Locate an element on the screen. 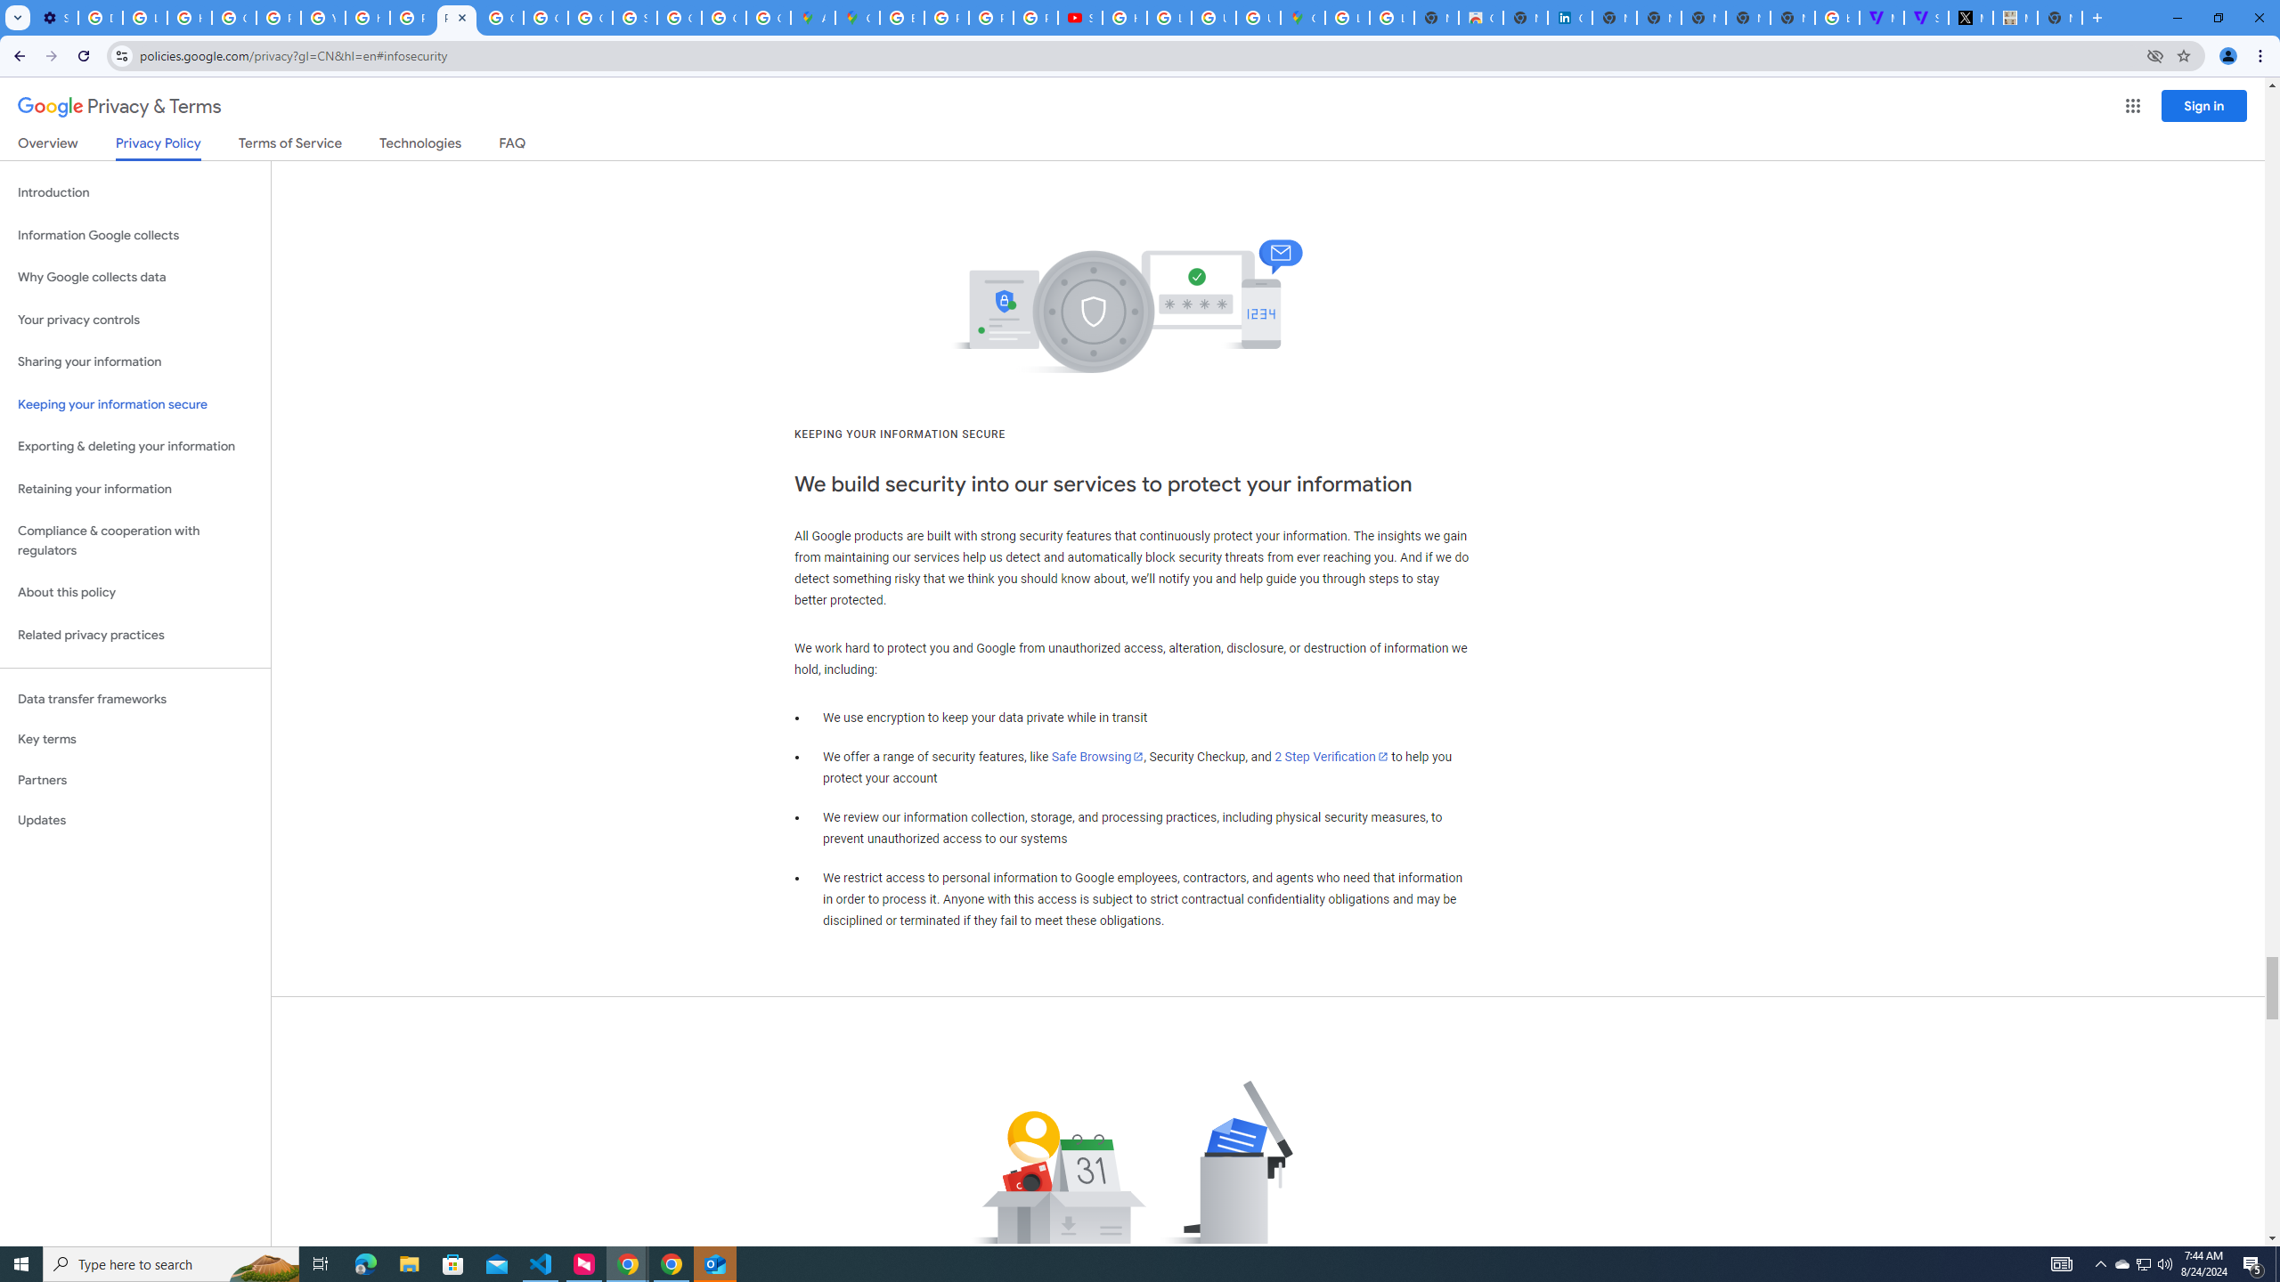 This screenshot has width=2280, height=1282. 'Terms of Service' is located at coordinates (289, 146).